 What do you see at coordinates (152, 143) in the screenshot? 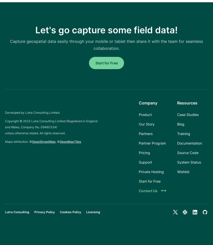
I see `'Partner Program'` at bounding box center [152, 143].